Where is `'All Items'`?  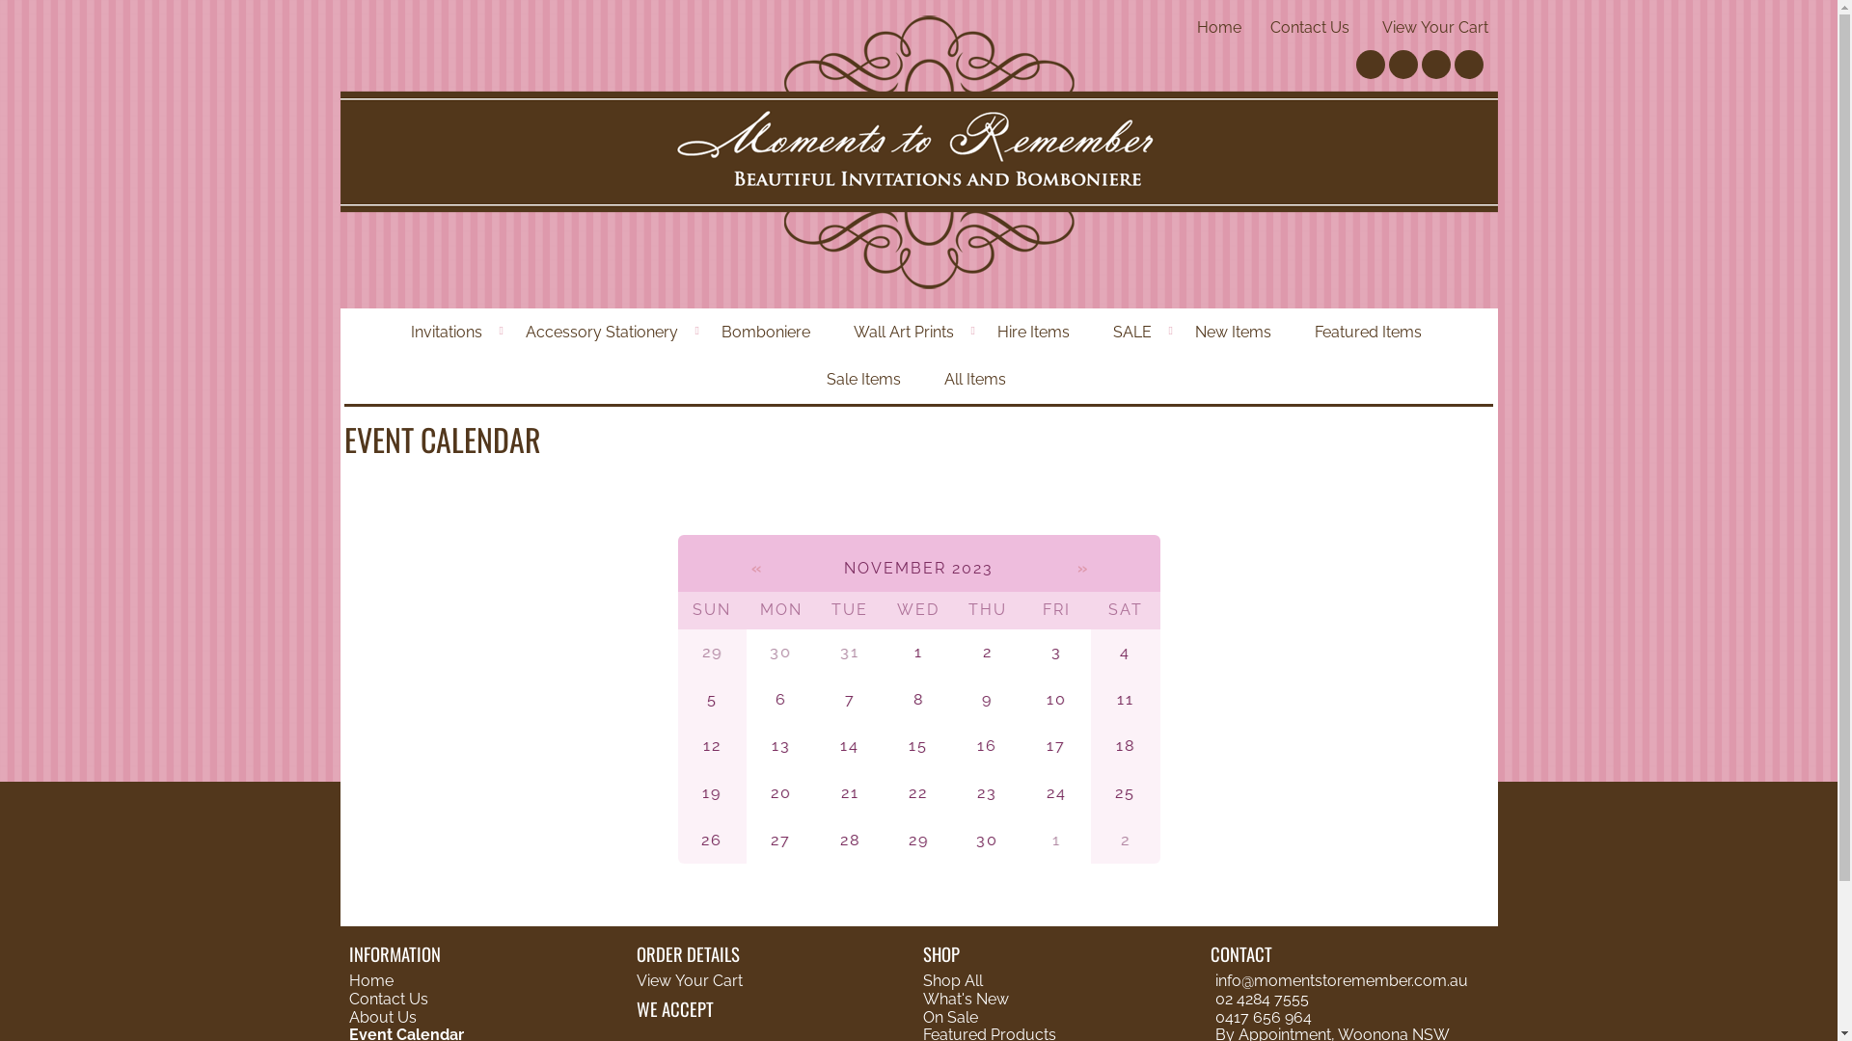
'All Items' is located at coordinates (924, 380).